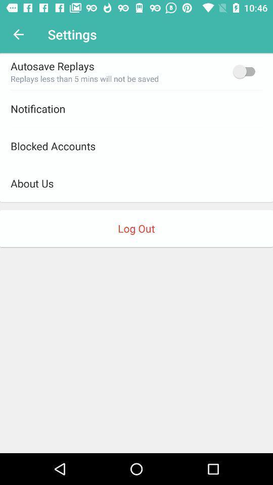 The width and height of the screenshot is (273, 485). What do you see at coordinates (246, 71) in the screenshot?
I see `the item next to replays less than` at bounding box center [246, 71].